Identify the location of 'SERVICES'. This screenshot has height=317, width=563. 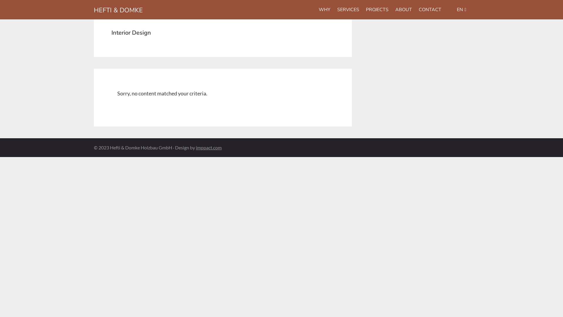
(348, 10).